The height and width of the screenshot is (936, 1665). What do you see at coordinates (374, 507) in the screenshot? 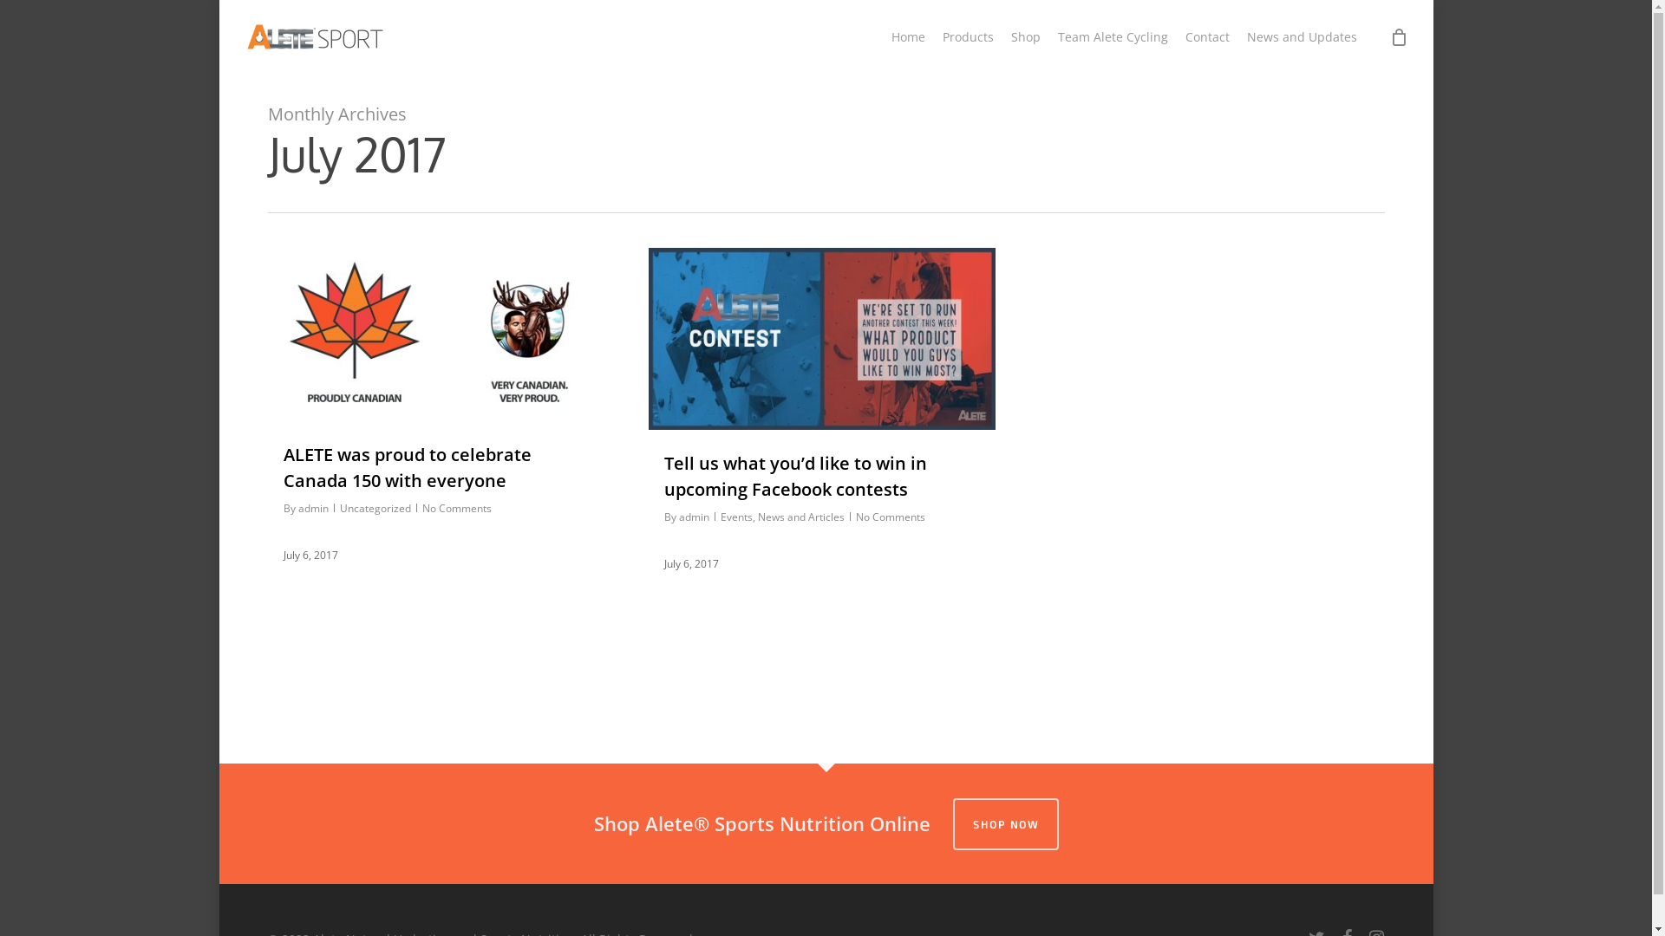
I see `'Uncategorized'` at bounding box center [374, 507].